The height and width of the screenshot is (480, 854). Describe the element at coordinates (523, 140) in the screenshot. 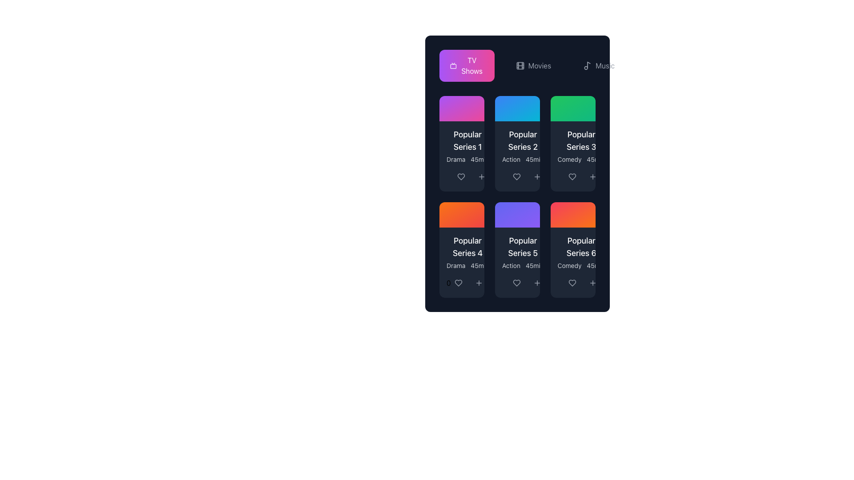

I see `heading text located in the second column of the grid layout, which serves as a title for the associated content, positioned below a blue header box and above the smaller text label 'Action 45min'` at that location.